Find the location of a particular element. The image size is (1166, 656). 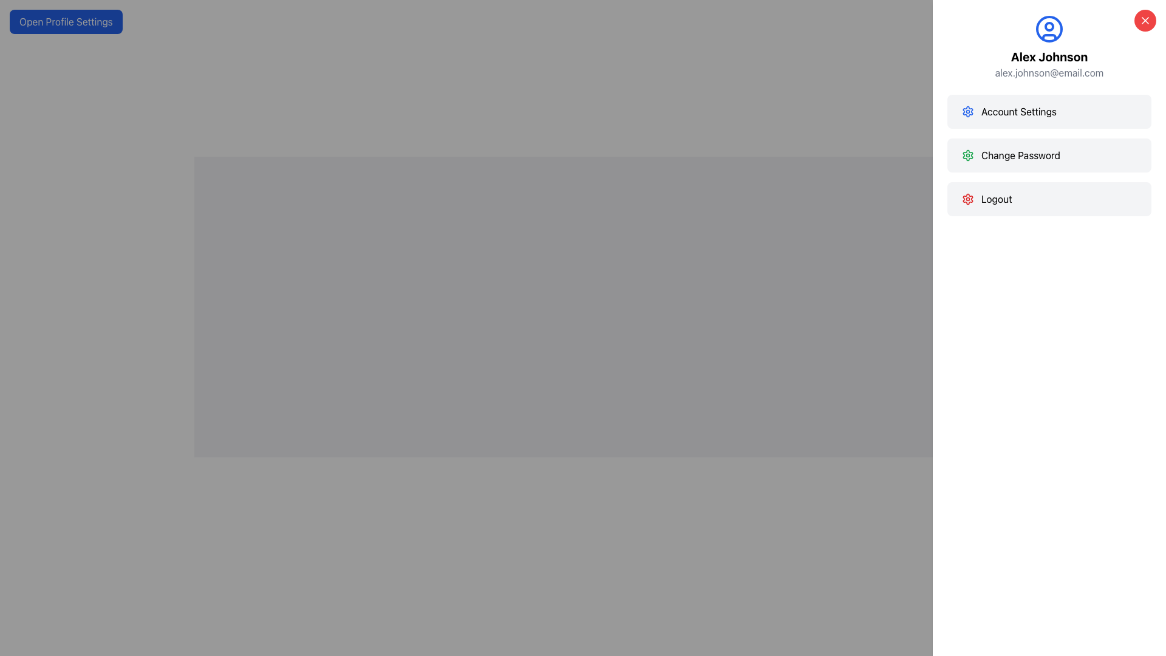

the outermost circle of the user profile icon located at the top-right corner of the layout is located at coordinates (1049, 28).